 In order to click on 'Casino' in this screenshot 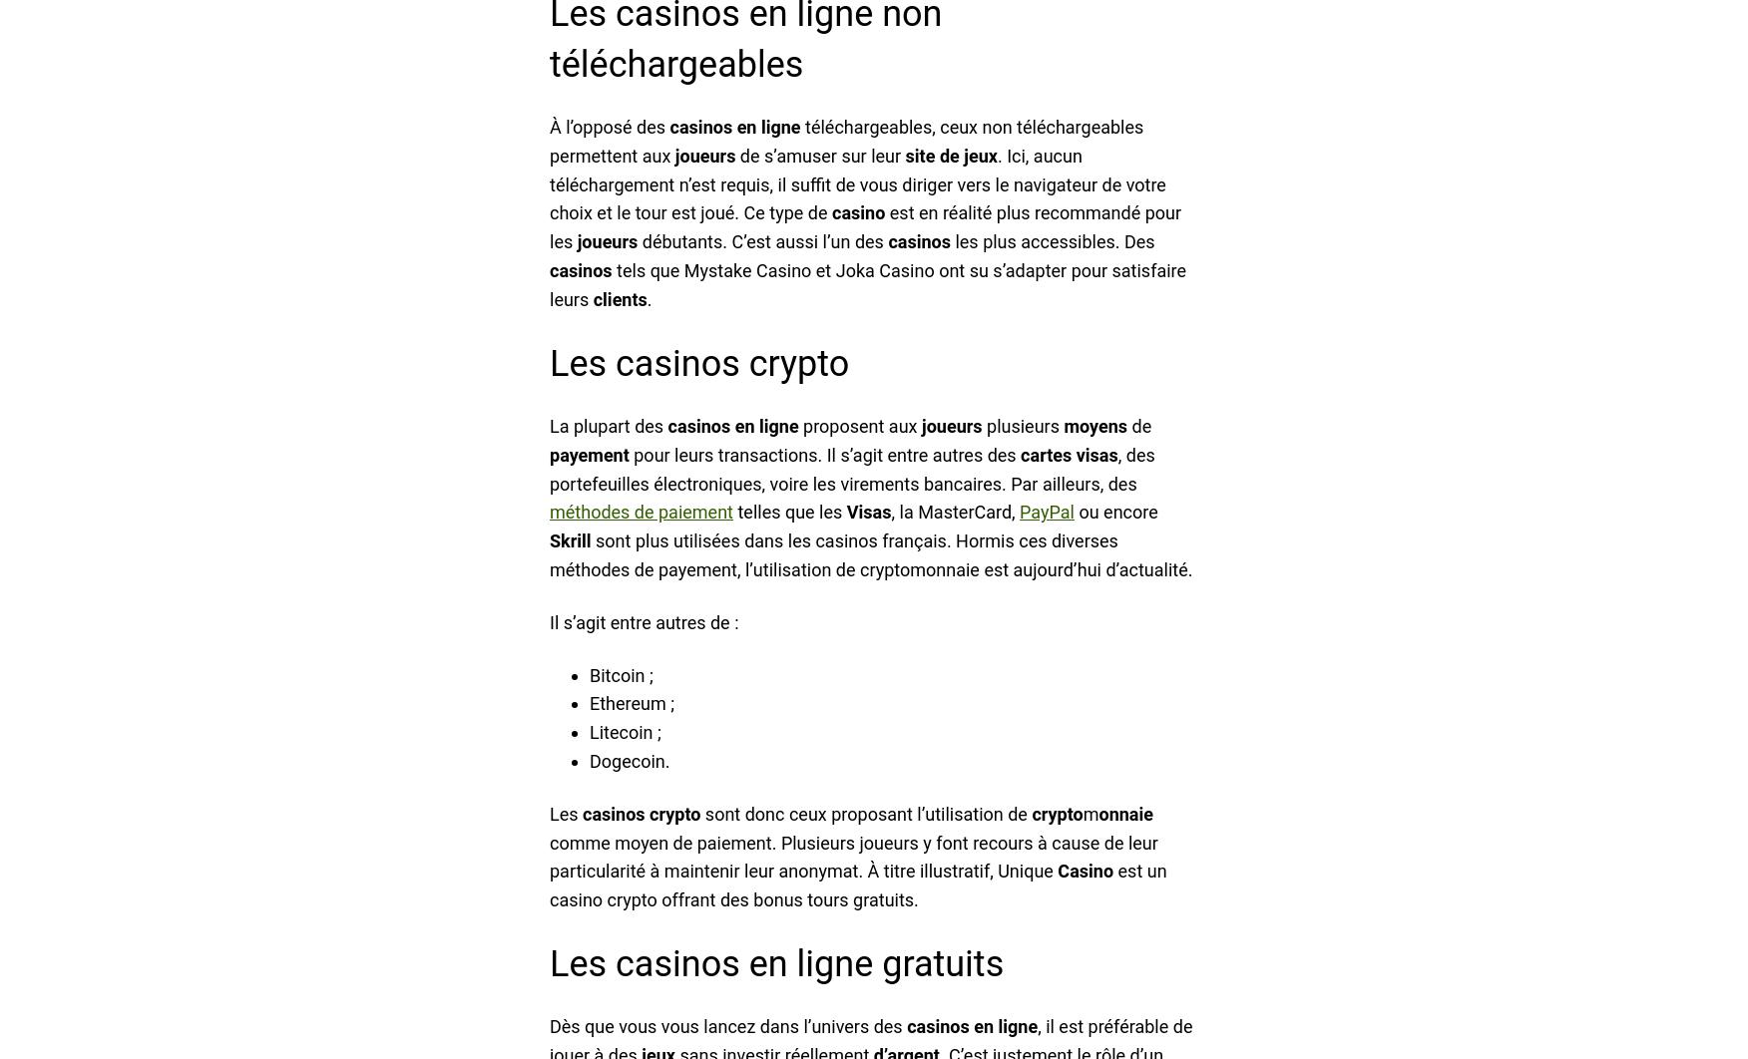, I will do `click(1085, 870)`.